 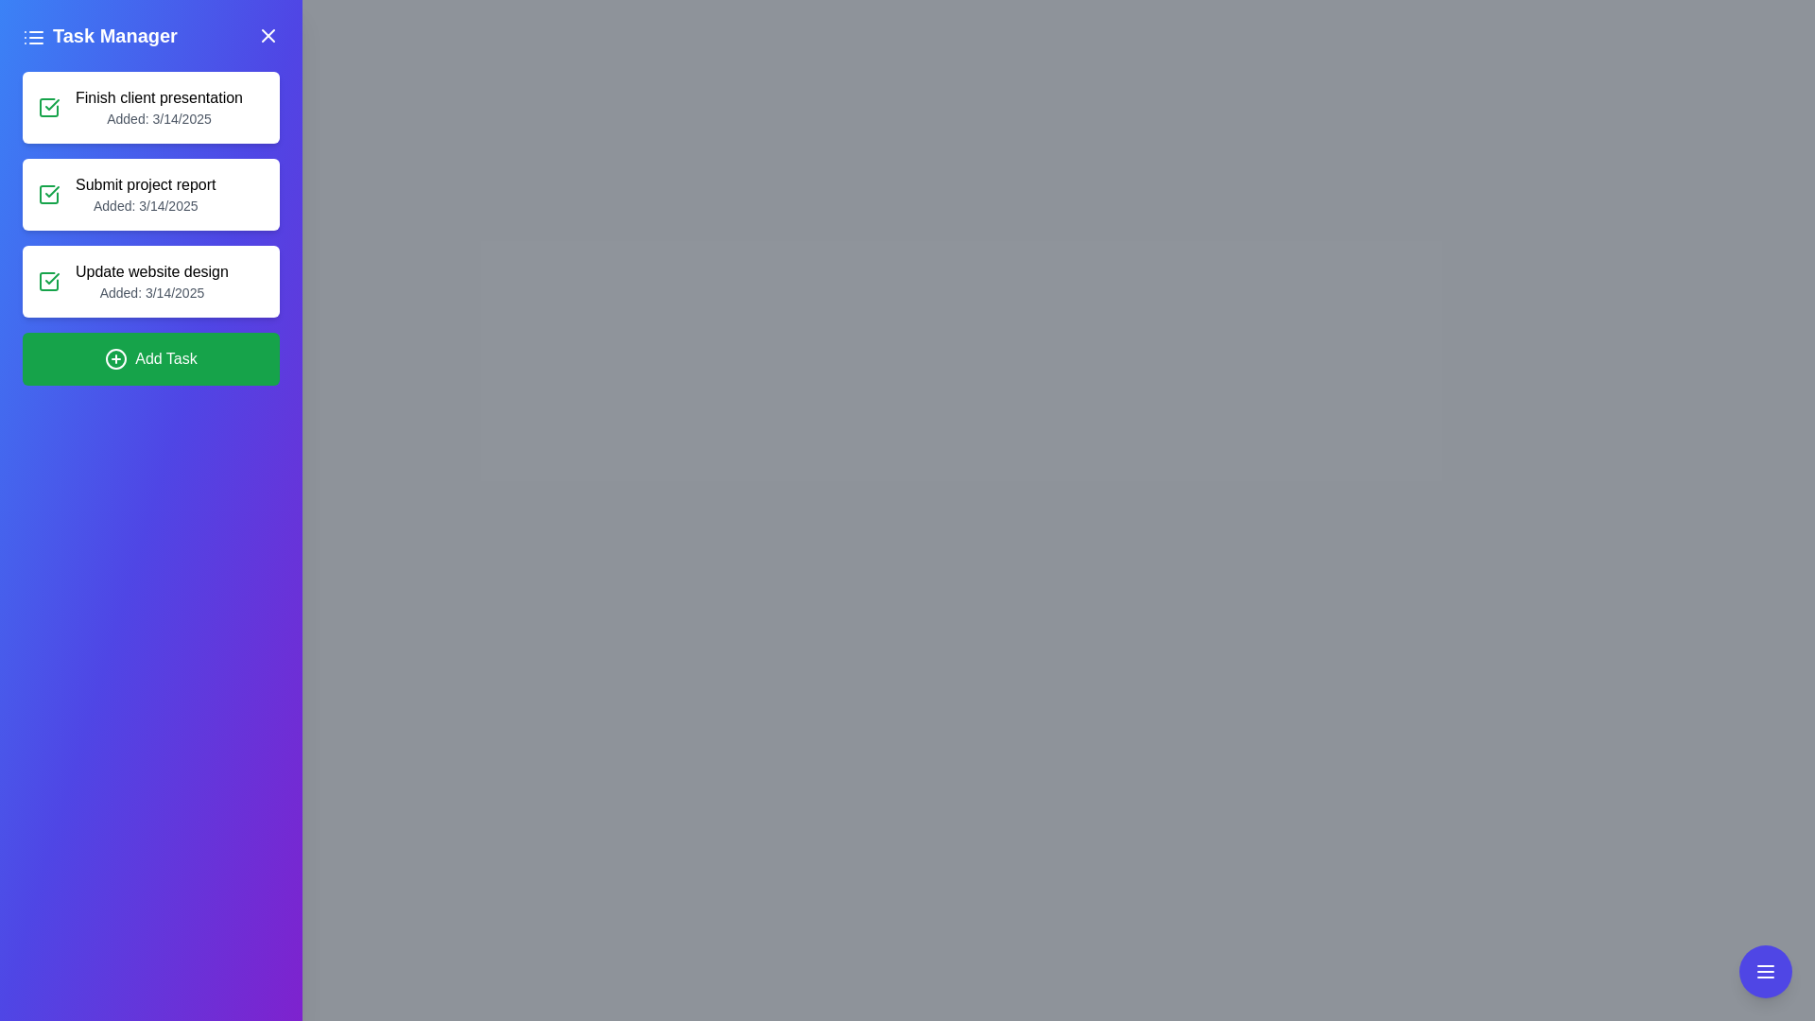 I want to click on the Text Label that provides metadata about the associated task, specifically the date it was added, which is located directly below the 'Submit project report' text in the middle entry of the vertical task list, so click(x=145, y=206).